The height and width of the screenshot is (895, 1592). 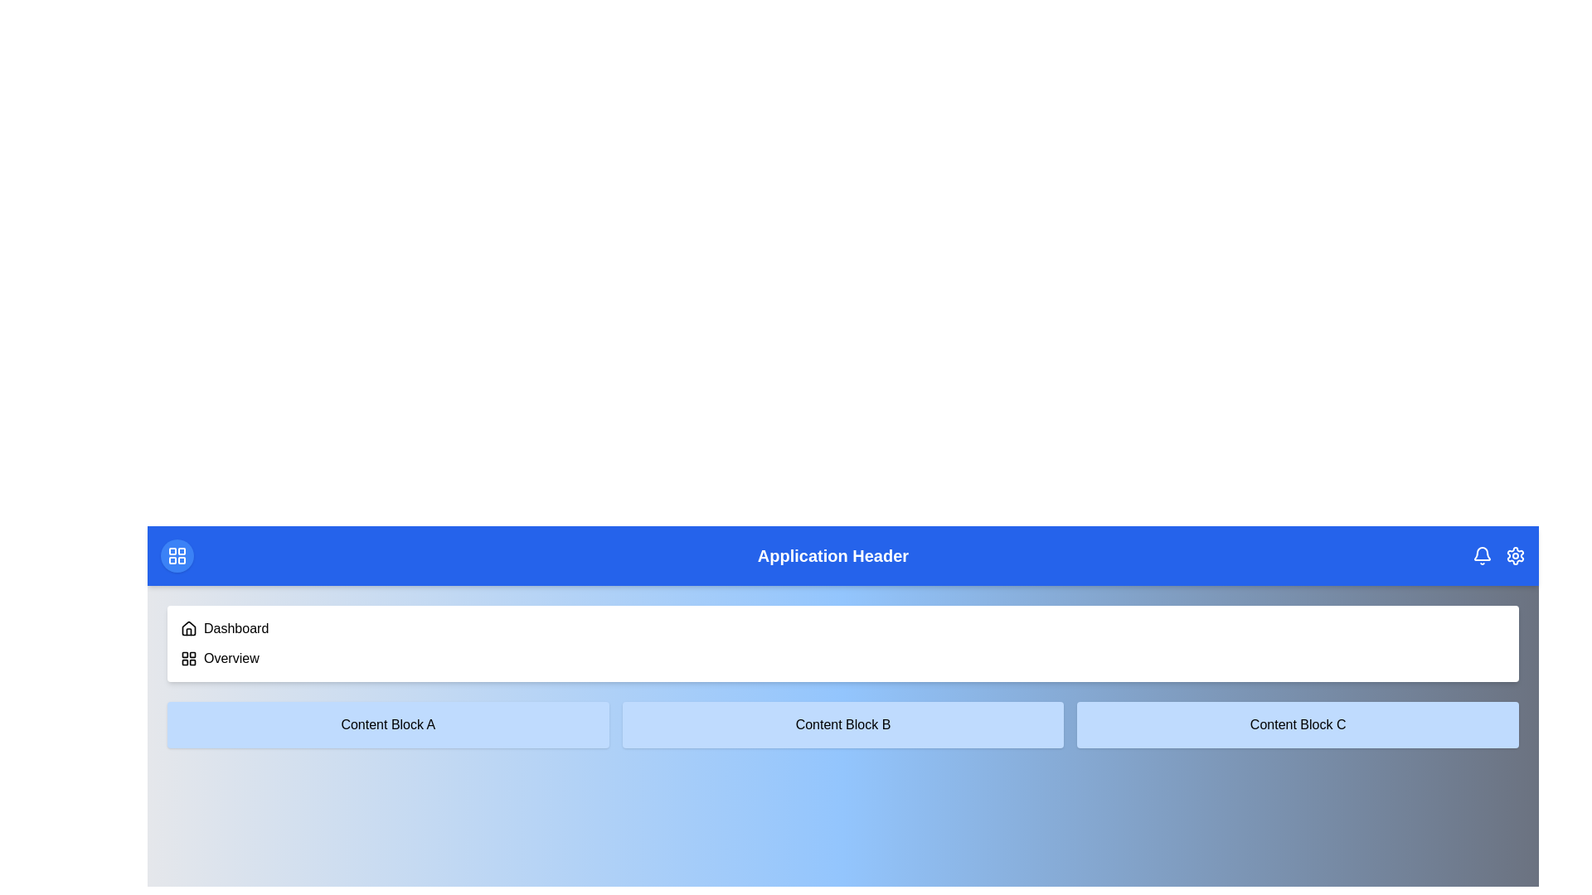 I want to click on the center of 'Content Block B', so click(x=843, y=724).